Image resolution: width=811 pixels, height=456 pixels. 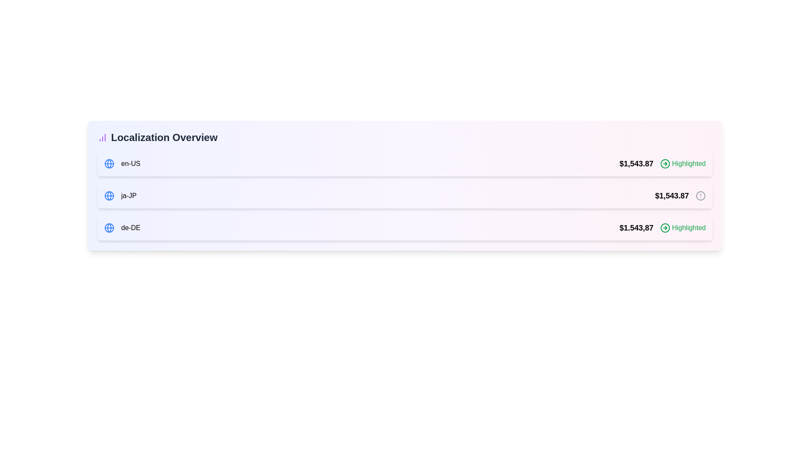 I want to click on the circular graphic element with a gray border and white fill, located at the end of the second row aligned with the text 'ja-JP' and the price '$1,543.87', so click(x=701, y=195).